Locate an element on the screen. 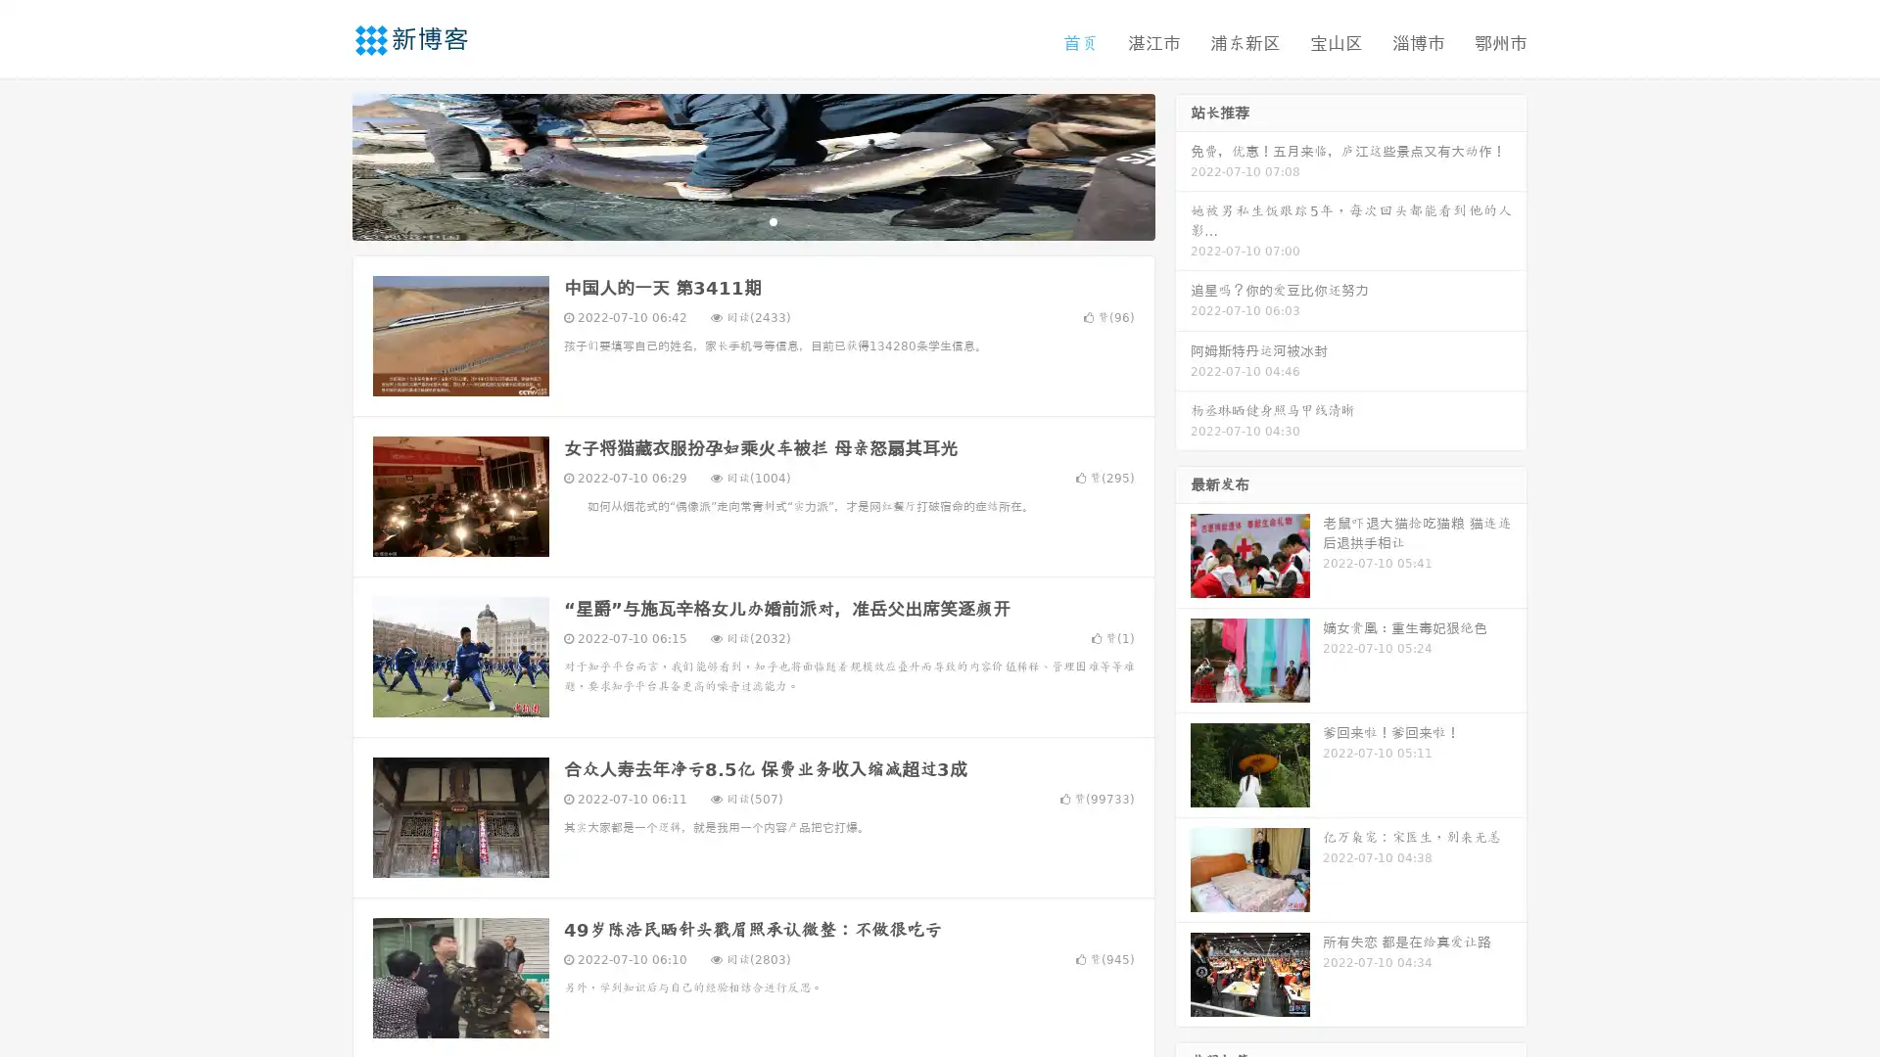  Go to slide 3 is located at coordinates (773, 220).